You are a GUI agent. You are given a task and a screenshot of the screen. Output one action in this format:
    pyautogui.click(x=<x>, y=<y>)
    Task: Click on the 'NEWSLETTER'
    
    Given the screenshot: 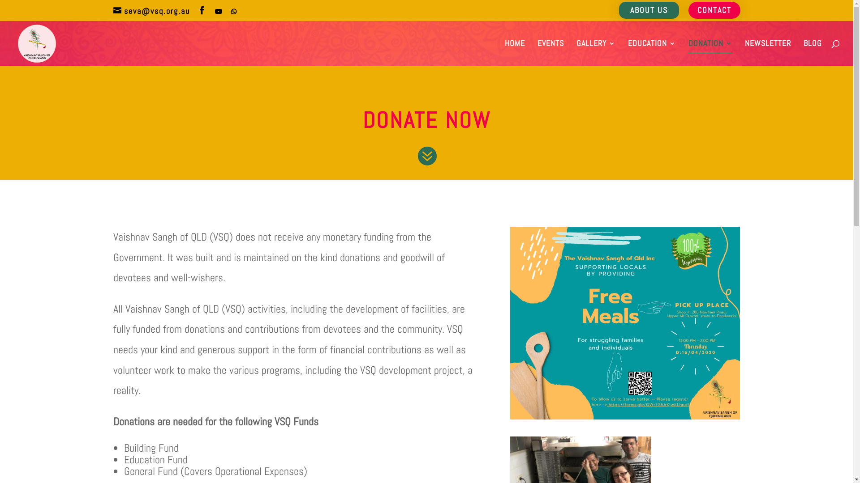 What is the action you would take?
    pyautogui.click(x=767, y=53)
    